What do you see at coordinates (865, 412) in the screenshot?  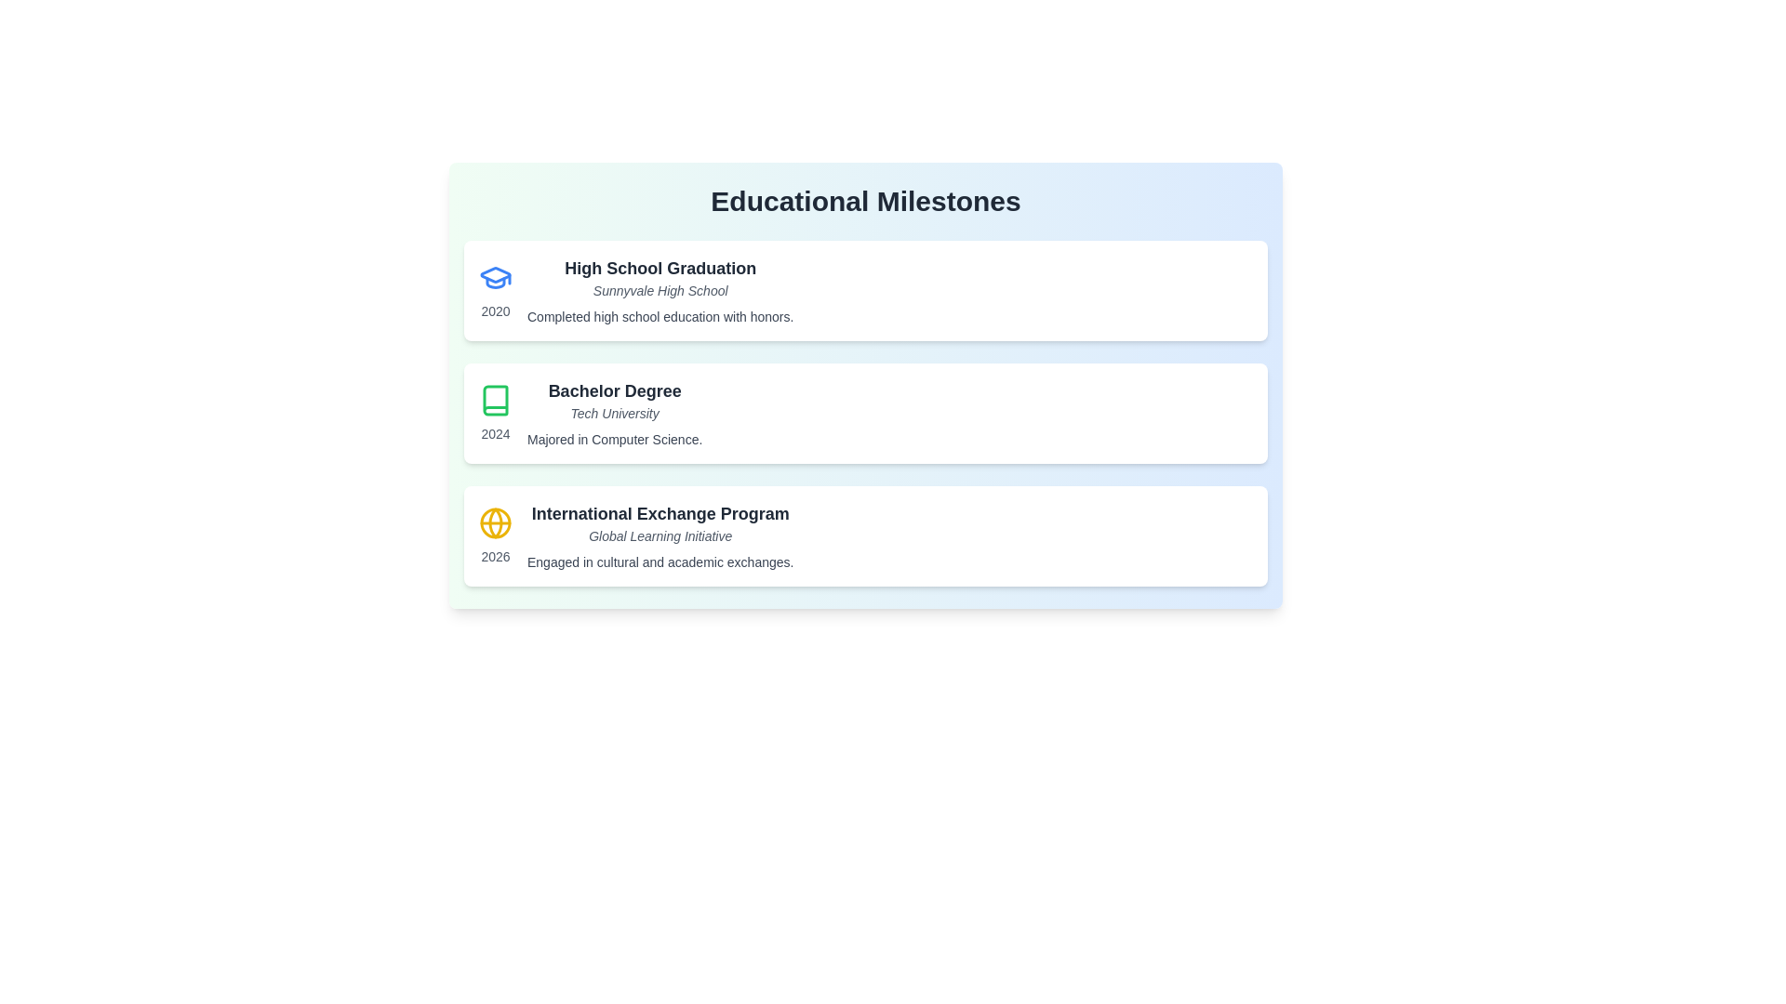 I see `to select or interact with the milestone section showcasing the Bachelor's degree in Computer Science from Tech University, which is visually distinct with a white background and rounded corners` at bounding box center [865, 412].